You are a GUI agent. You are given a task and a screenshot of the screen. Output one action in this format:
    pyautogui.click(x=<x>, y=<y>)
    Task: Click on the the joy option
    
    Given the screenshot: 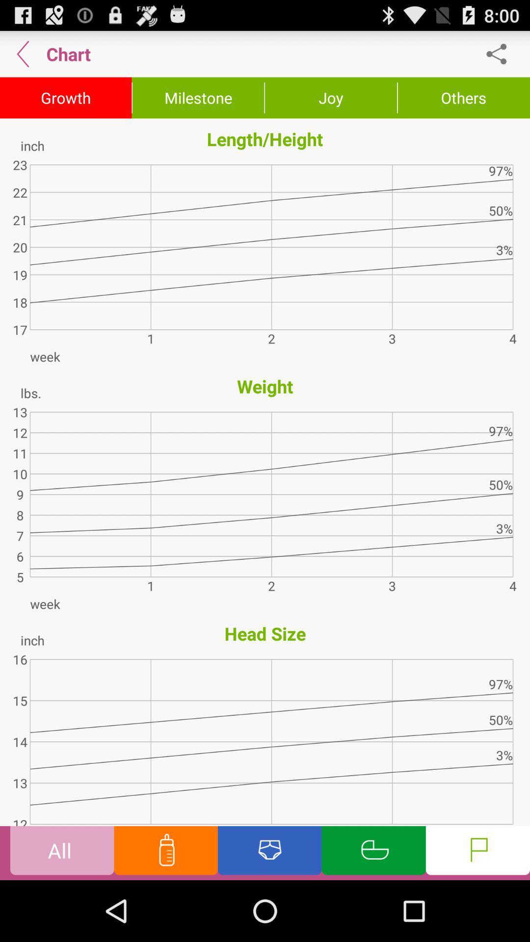 What is the action you would take?
    pyautogui.click(x=331, y=98)
    